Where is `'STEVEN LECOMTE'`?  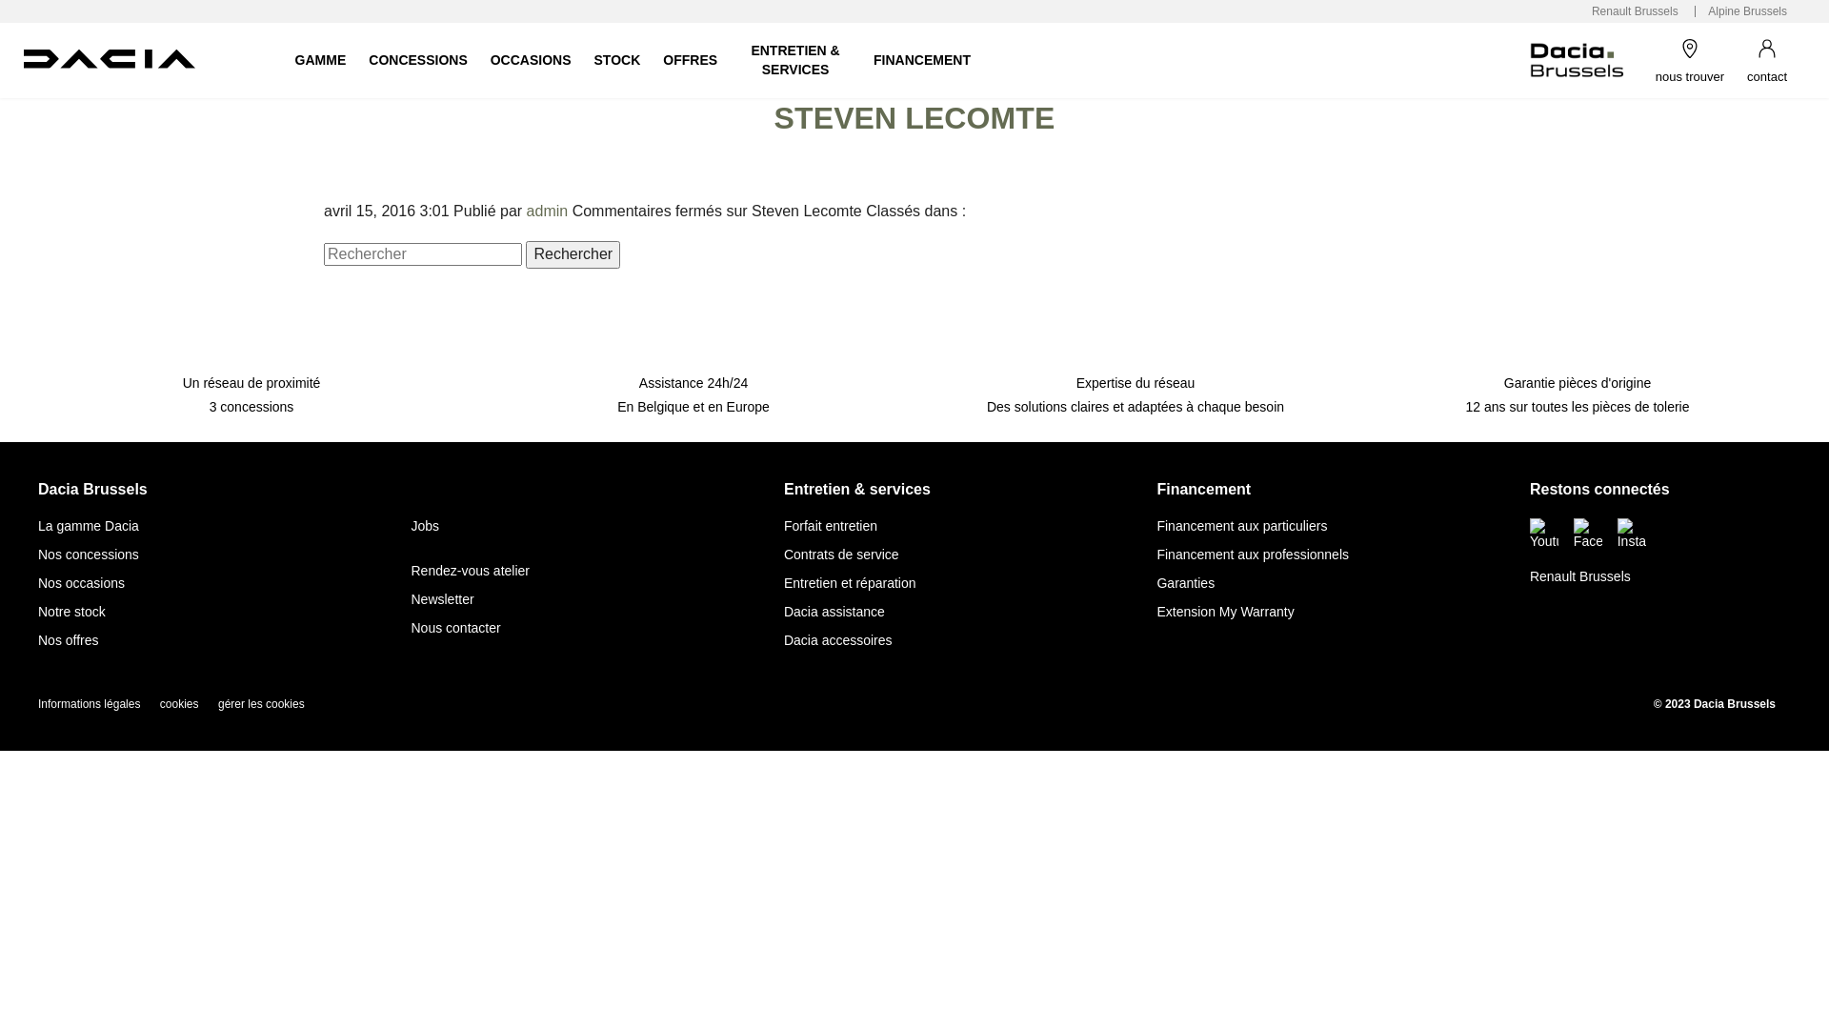
'STEVEN LECOMTE' is located at coordinates (914, 117).